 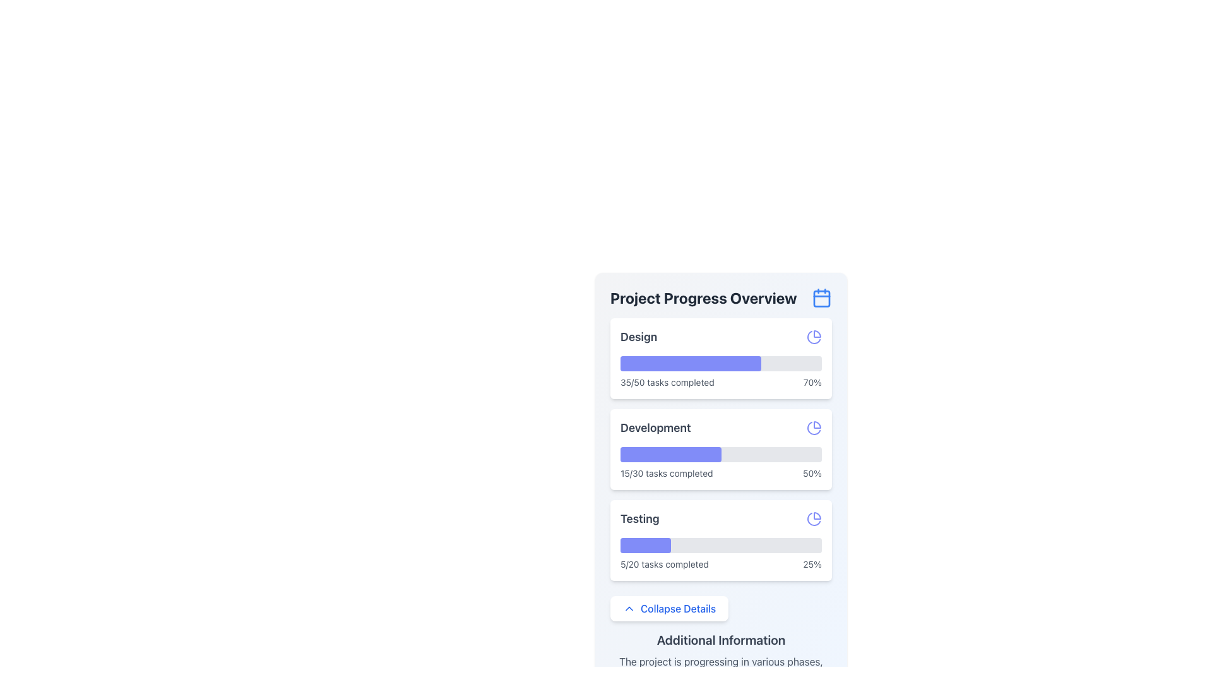 What do you see at coordinates (663, 564) in the screenshot?
I see `the static text indicating progress of tasks in the Testing section, which shows that 5 out of 20 tasks have been completed` at bounding box center [663, 564].